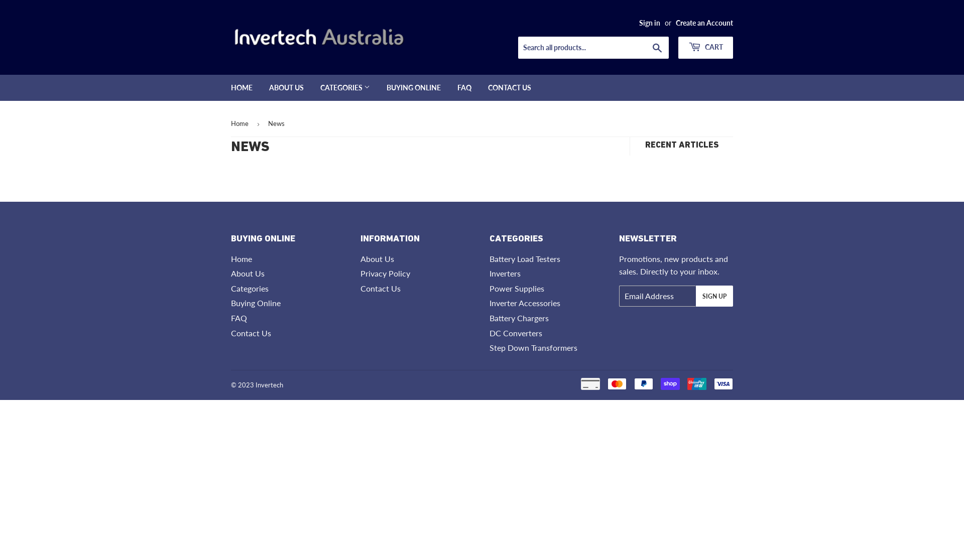 The width and height of the screenshot is (964, 542). Describe the element at coordinates (516, 333) in the screenshot. I see `'DC Converters'` at that location.